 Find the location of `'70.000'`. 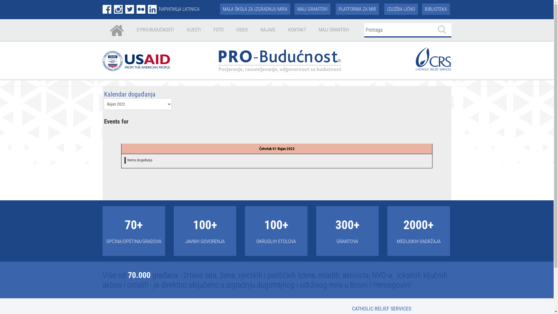

'70.000' is located at coordinates (139, 275).